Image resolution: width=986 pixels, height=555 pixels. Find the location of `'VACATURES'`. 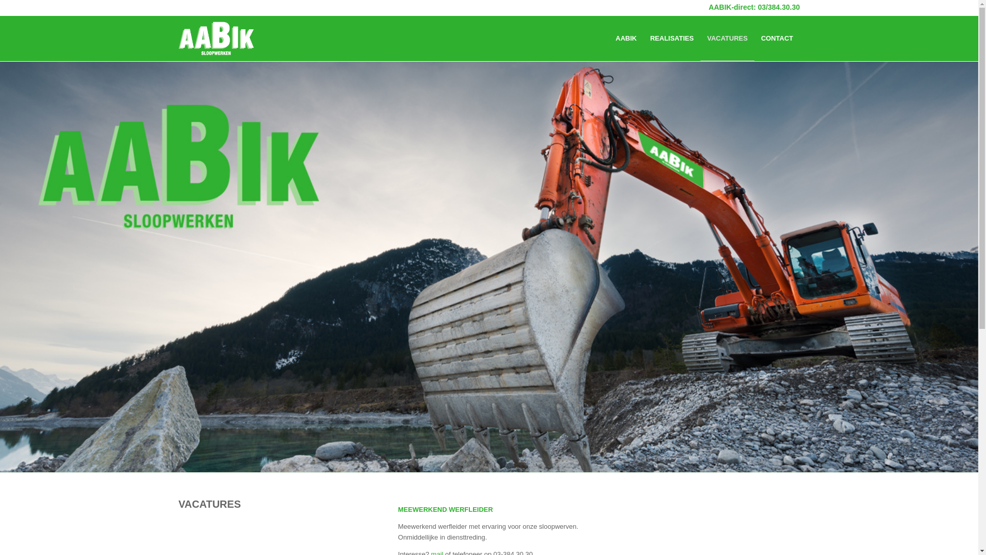

'VACATURES' is located at coordinates (699, 38).